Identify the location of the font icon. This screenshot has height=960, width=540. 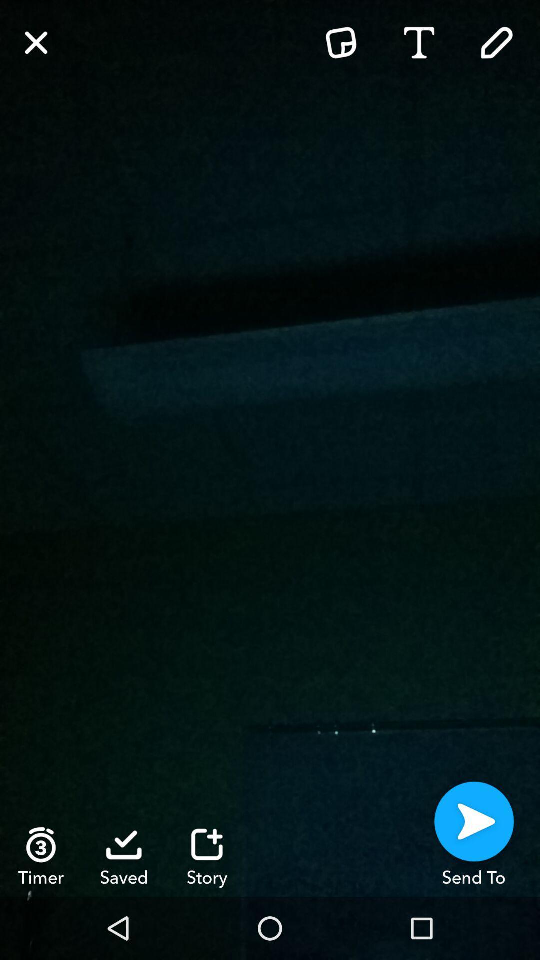
(419, 42).